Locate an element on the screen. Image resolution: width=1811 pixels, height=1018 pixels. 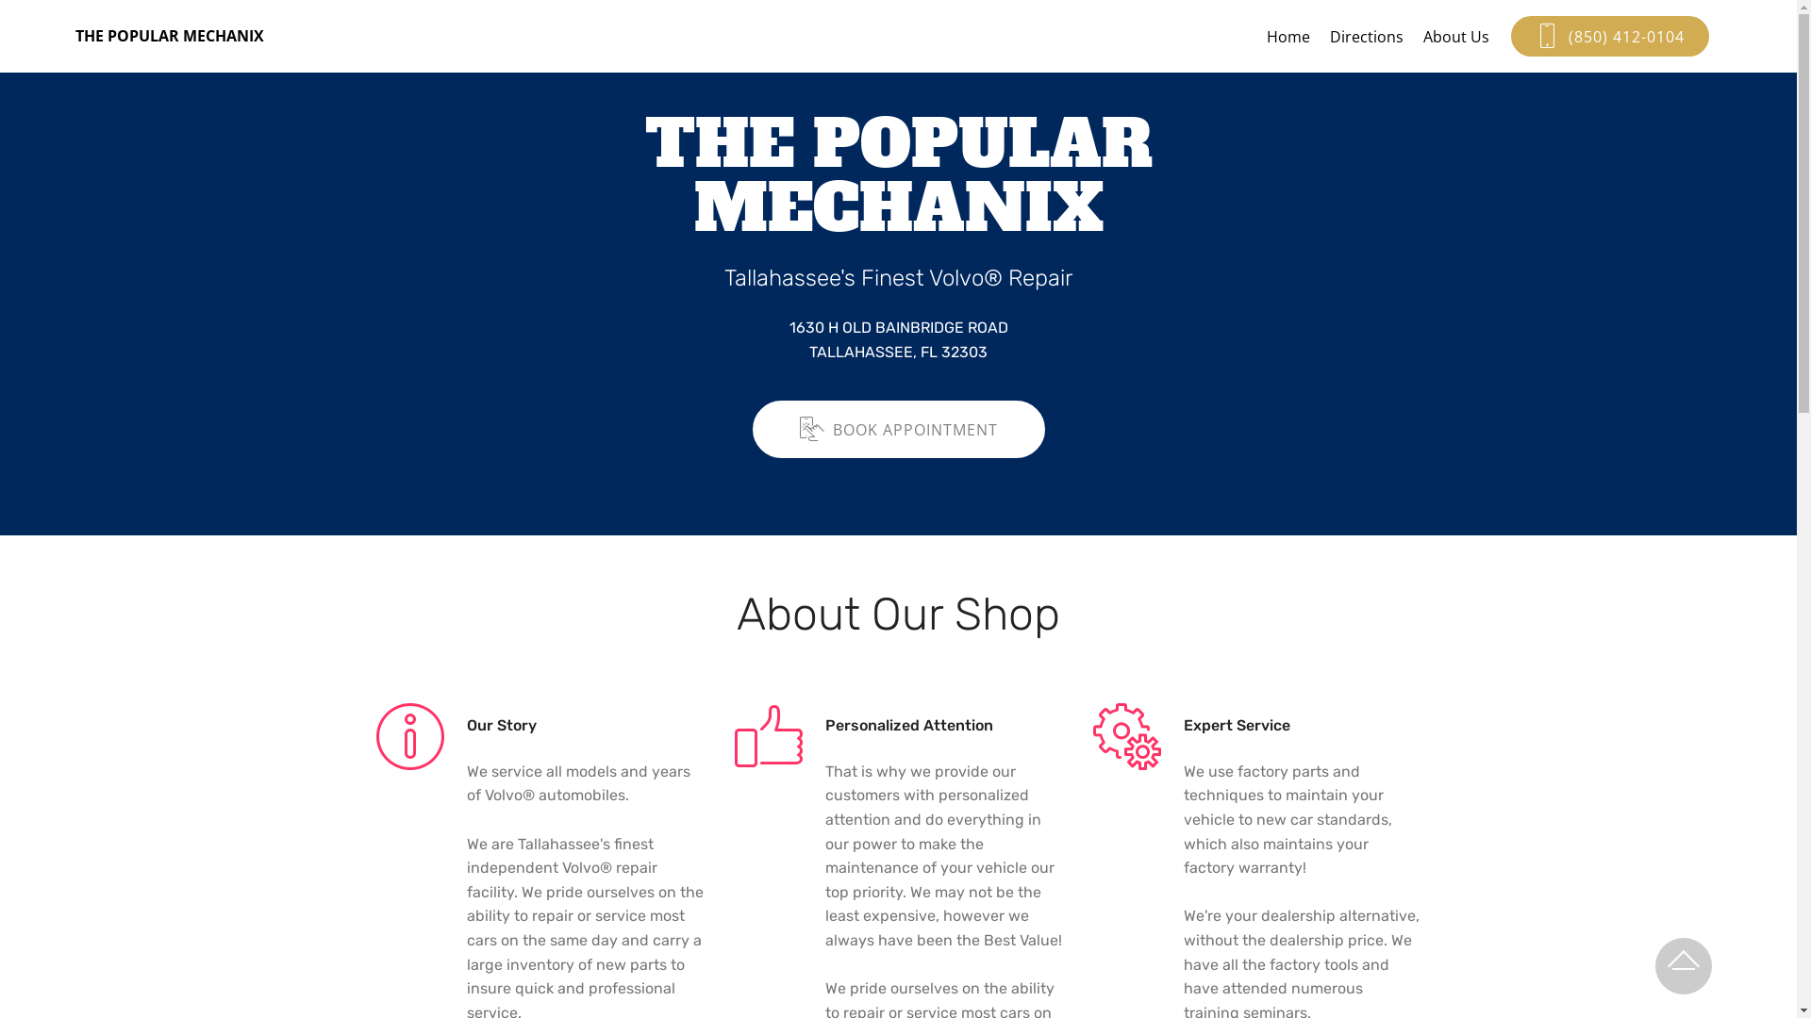
'THE POPULAR MECHANIX' is located at coordinates (185, 36).